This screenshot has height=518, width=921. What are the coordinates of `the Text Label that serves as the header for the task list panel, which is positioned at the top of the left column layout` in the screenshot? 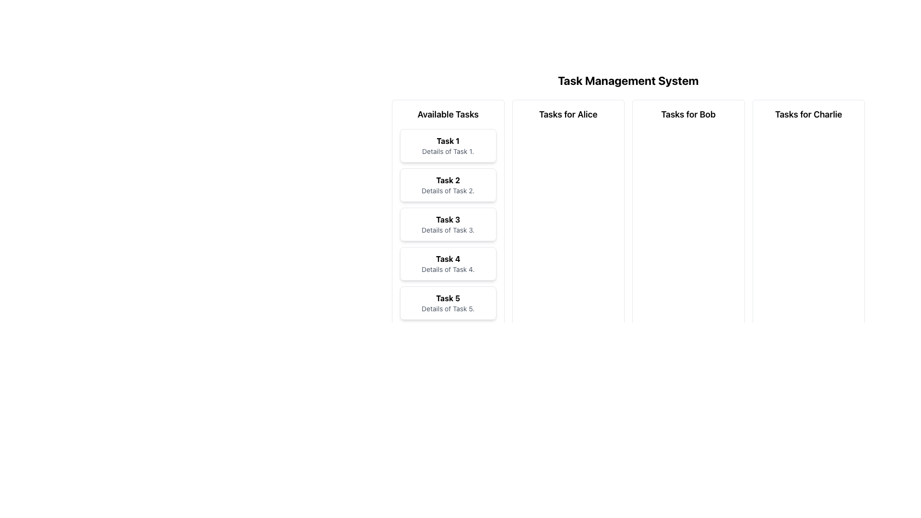 It's located at (448, 114).